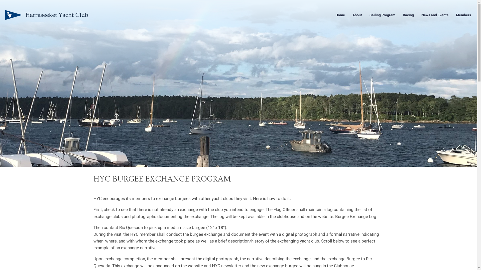 This screenshot has width=481, height=270. What do you see at coordinates (463, 15) in the screenshot?
I see `'Members'` at bounding box center [463, 15].